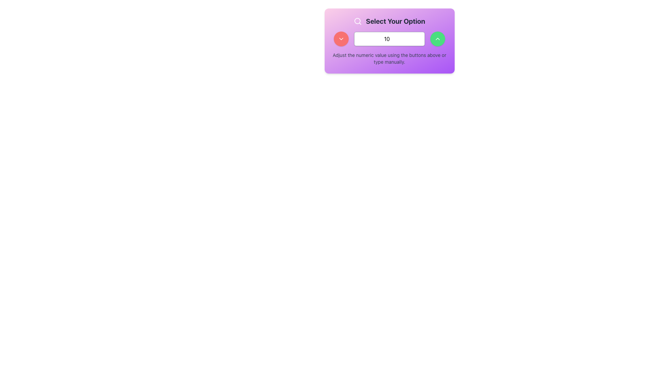  I want to click on the green circular button icon that increases the numeric value in the adjacent white input box, so click(437, 39).